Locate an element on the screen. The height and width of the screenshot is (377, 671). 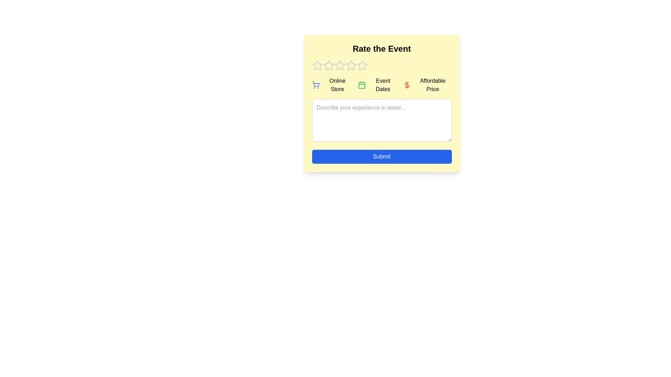
the event rating to 2 stars by clicking on the corresponding star is located at coordinates (328, 66).